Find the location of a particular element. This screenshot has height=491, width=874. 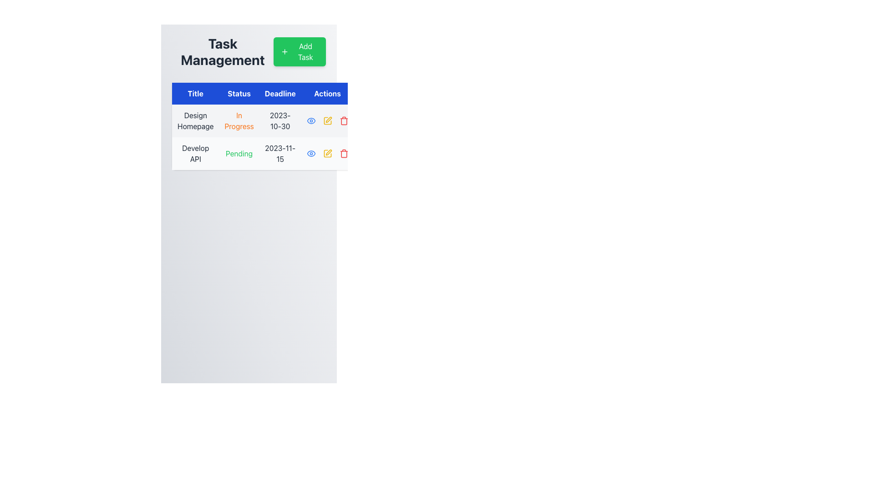

the yellow pencil icon located in the 'Actions' column of the second row to initiate edit mode is located at coordinates (327, 153).